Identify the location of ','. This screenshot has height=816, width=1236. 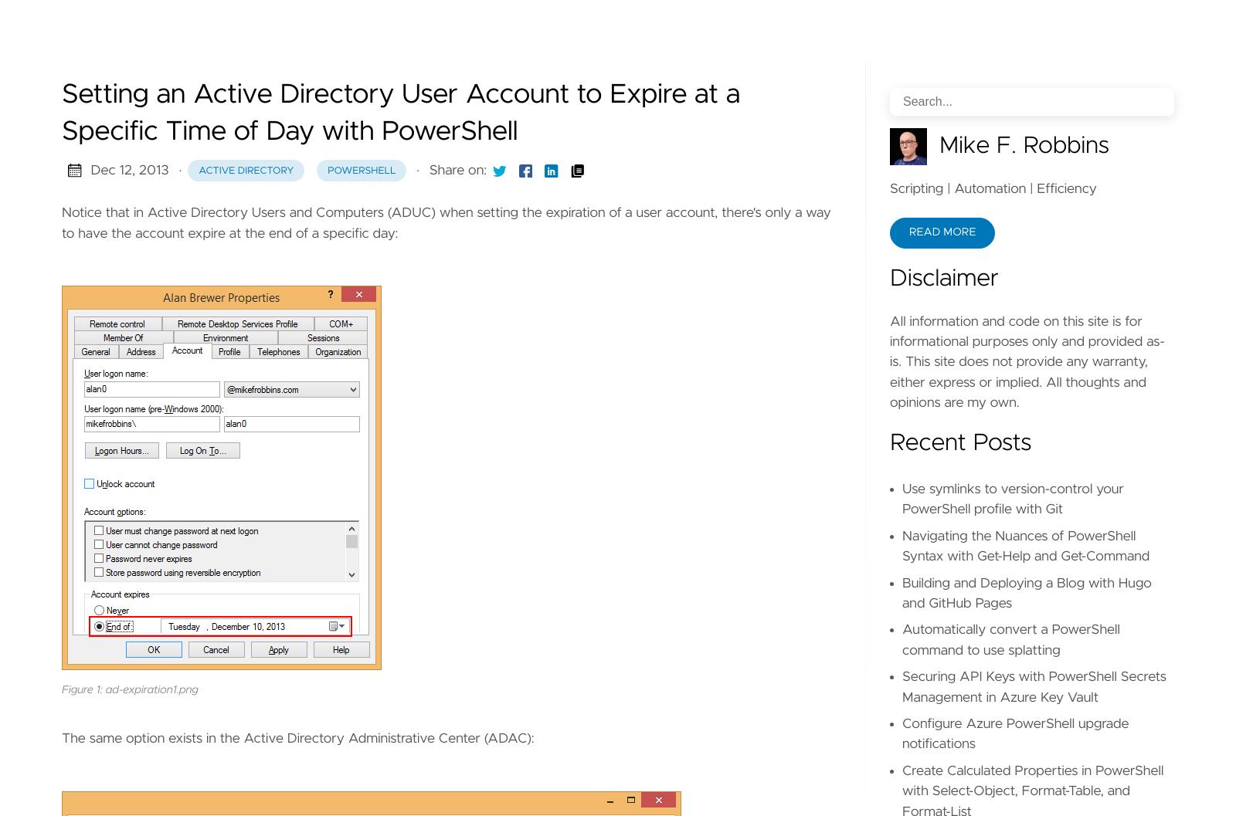
(340, 438).